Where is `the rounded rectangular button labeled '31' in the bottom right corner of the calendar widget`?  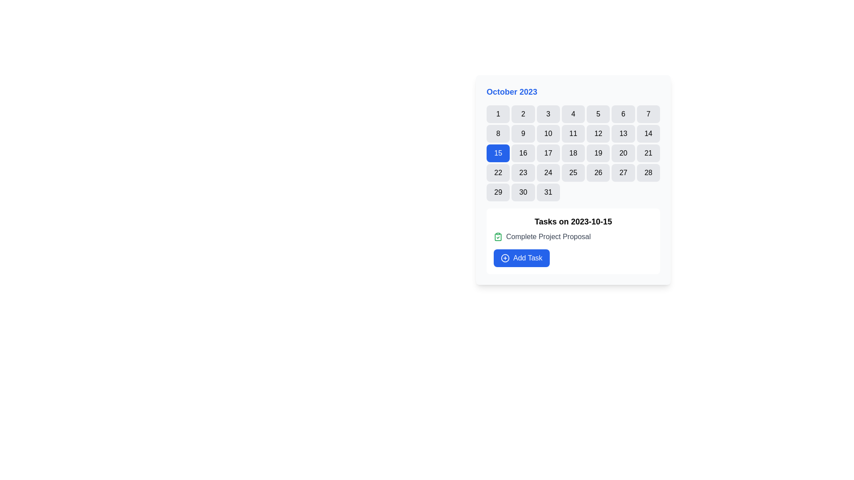
the rounded rectangular button labeled '31' in the bottom right corner of the calendar widget is located at coordinates (548, 192).